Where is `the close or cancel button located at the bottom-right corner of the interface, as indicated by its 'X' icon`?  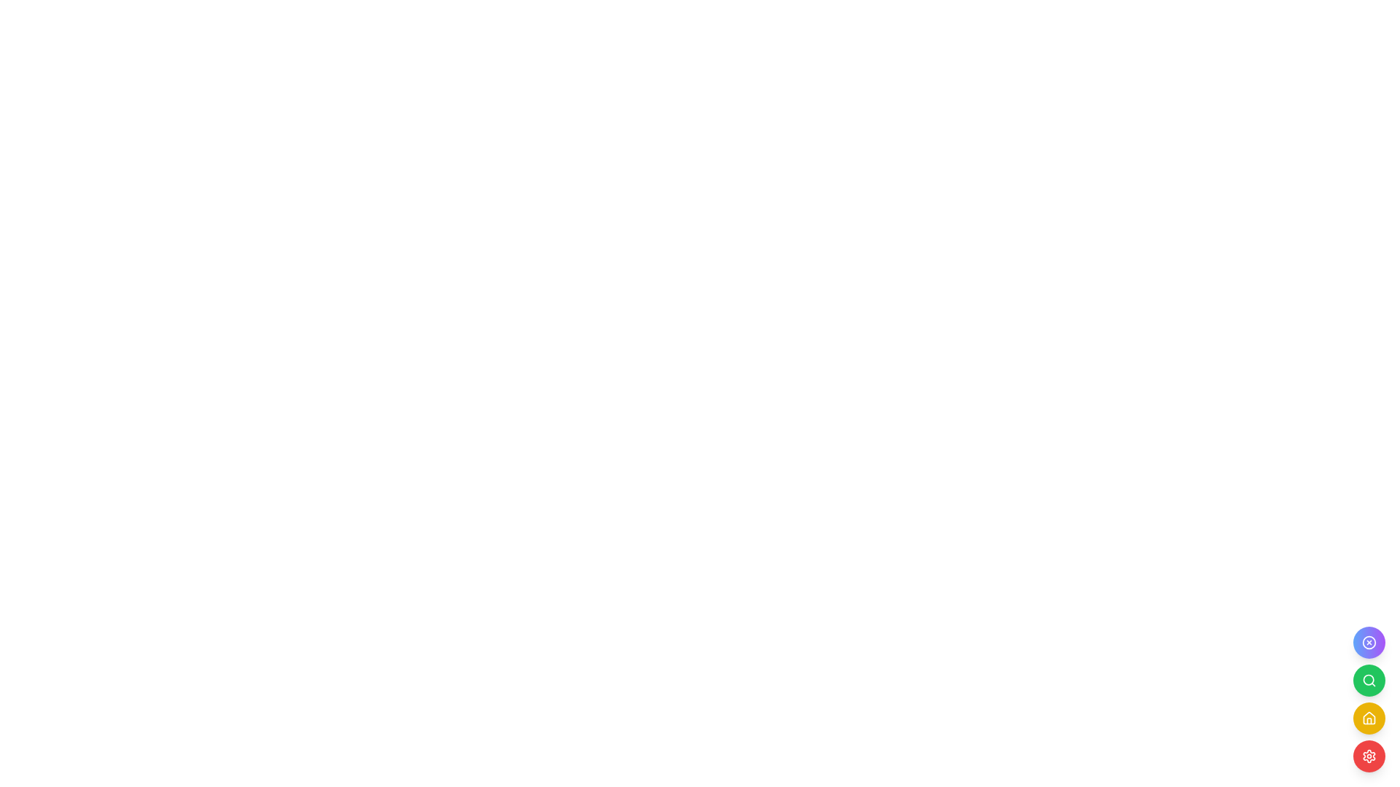
the close or cancel button located at the bottom-right corner of the interface, as indicated by its 'X' icon is located at coordinates (1368, 642).